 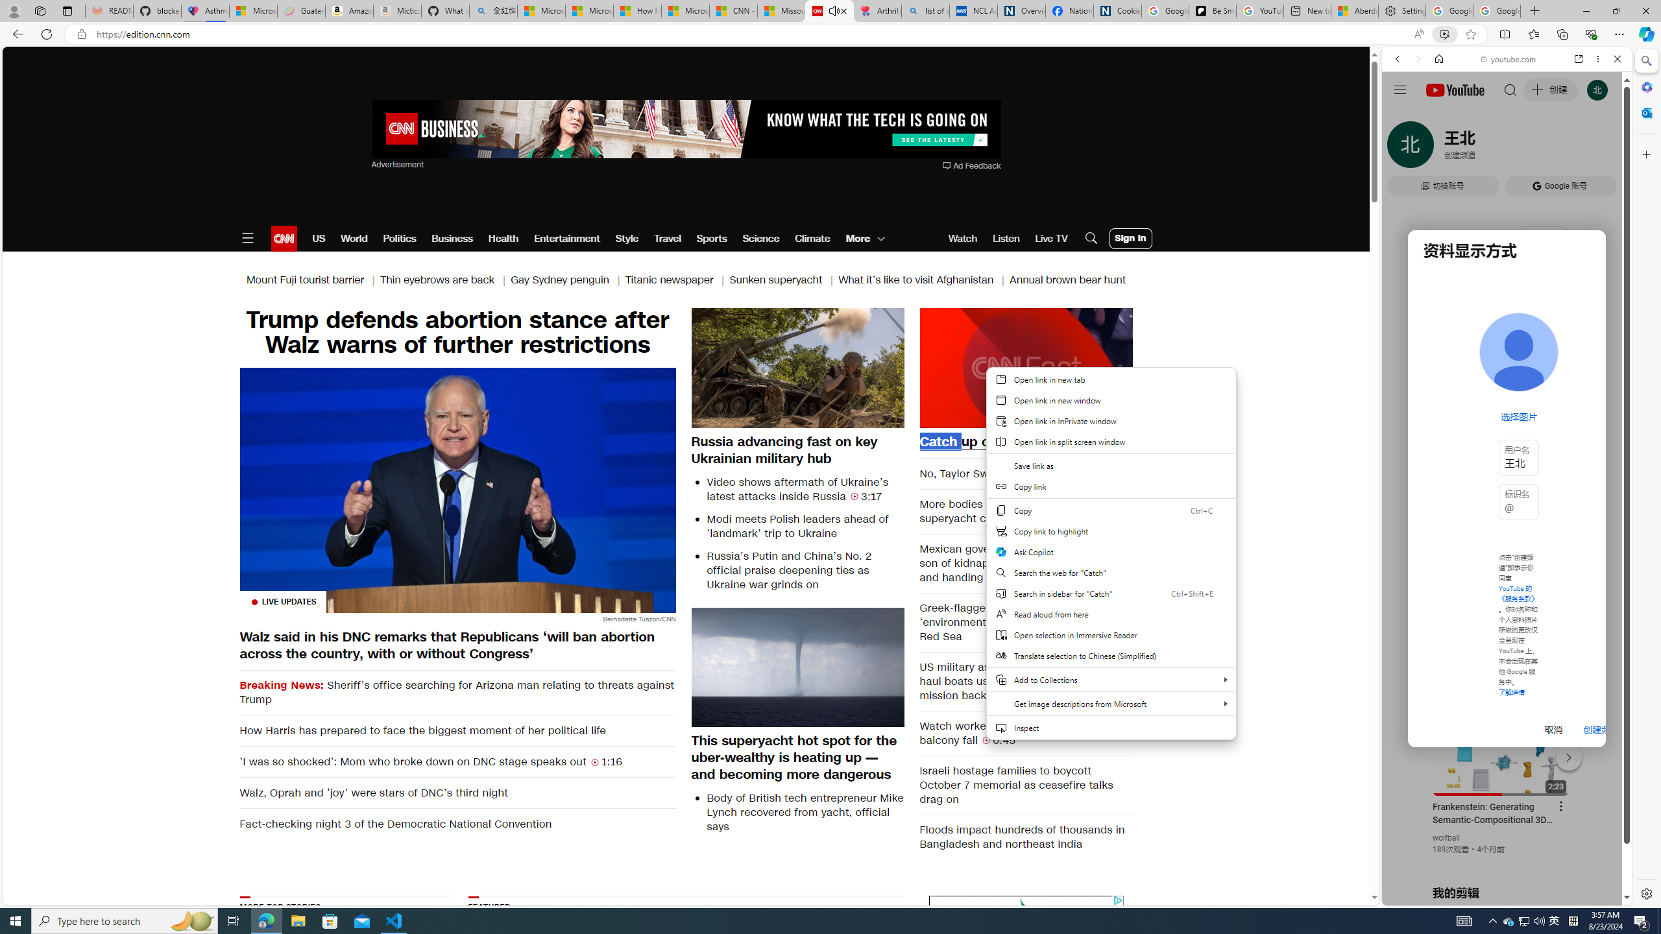 What do you see at coordinates (1505, 383) in the screenshot?
I see `'Trailer #2 [HD]'` at bounding box center [1505, 383].